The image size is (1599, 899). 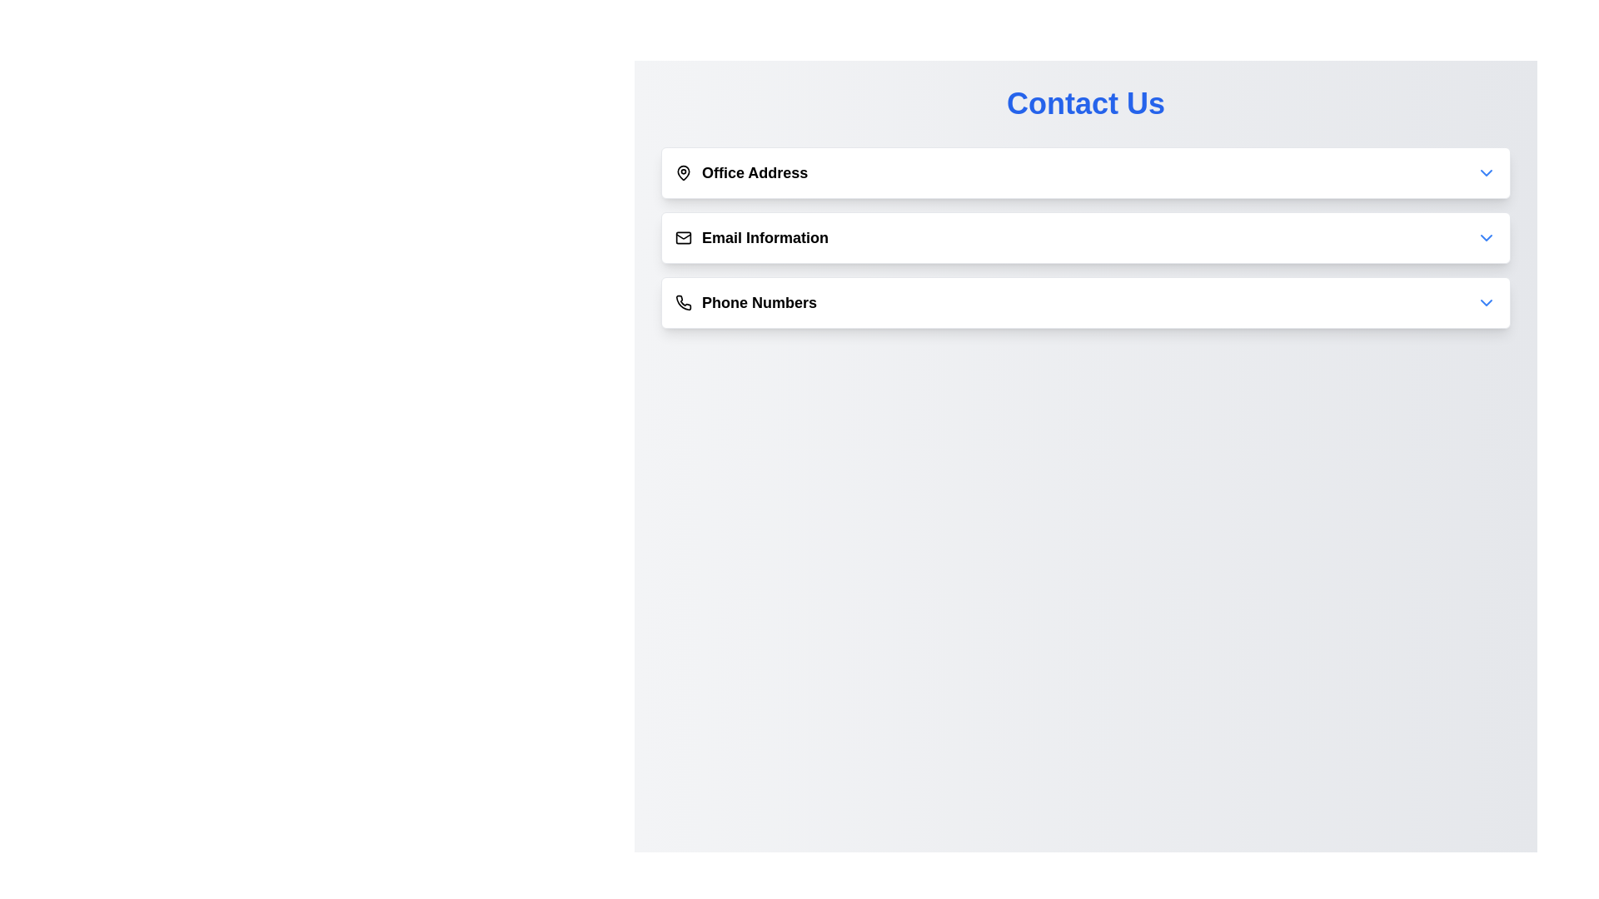 What do you see at coordinates (765, 237) in the screenshot?
I see `the Text Label that serves as the header for the email contact information section, positioned below the 'Contact Us' title` at bounding box center [765, 237].